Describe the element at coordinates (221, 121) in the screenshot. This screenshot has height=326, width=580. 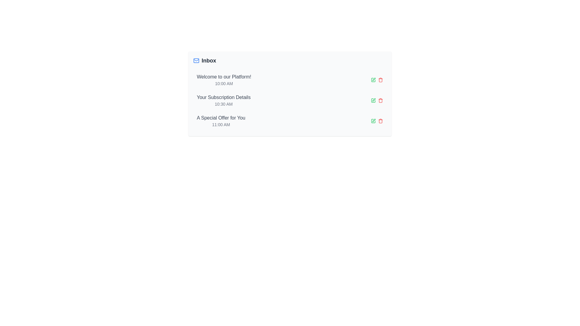
I see `to select the third notification message entry in the inbox, which provides a title and associated time` at that location.